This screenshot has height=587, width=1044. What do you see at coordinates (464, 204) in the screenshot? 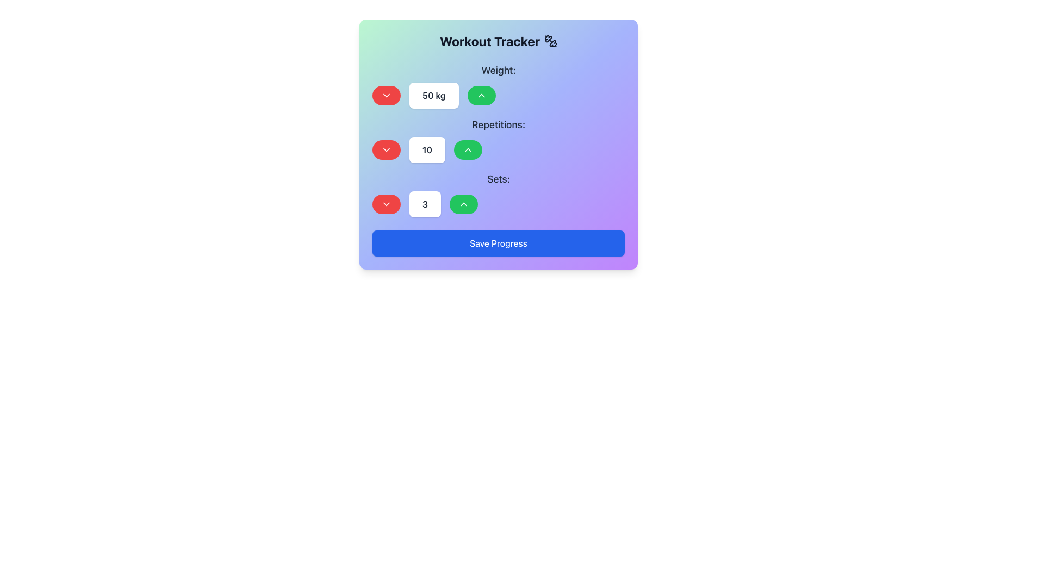
I see `the green upward arrow button next to the 'Sets' input field to increment its value` at bounding box center [464, 204].